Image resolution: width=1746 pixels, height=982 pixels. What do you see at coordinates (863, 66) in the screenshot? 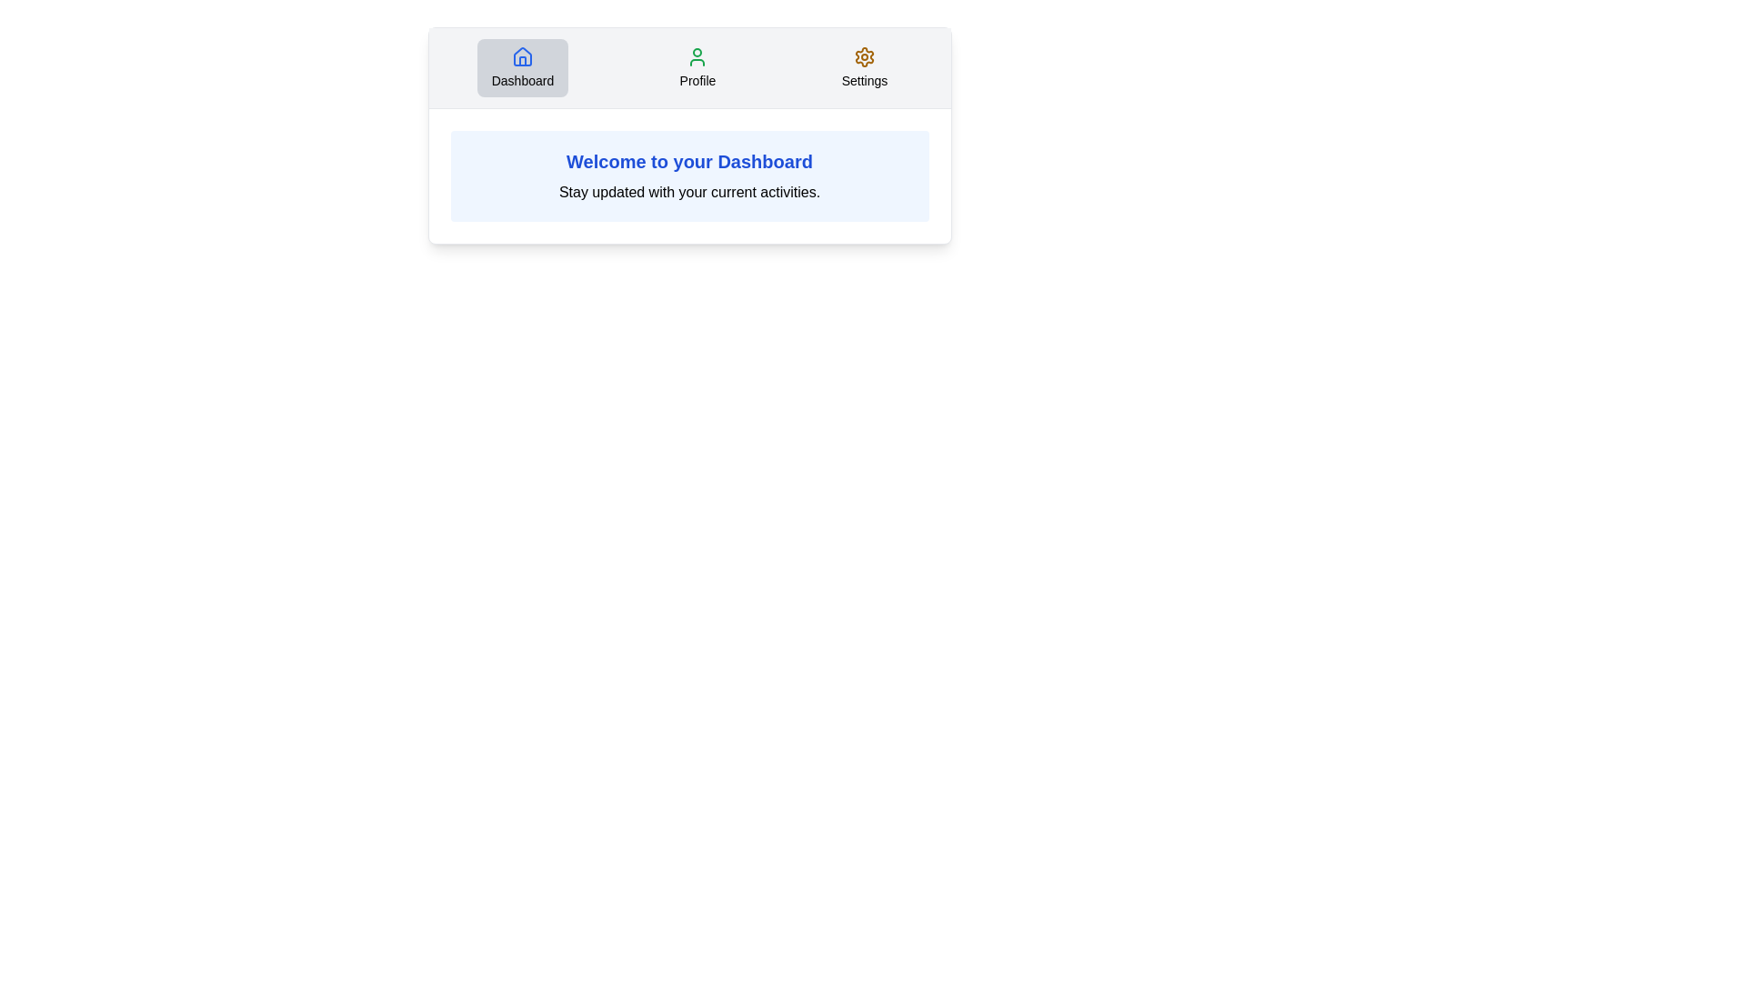
I see `the tab labeled Settings` at bounding box center [863, 66].